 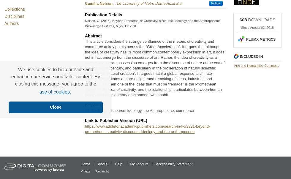 What do you see at coordinates (113, 3) in the screenshot?
I see `','` at bounding box center [113, 3].